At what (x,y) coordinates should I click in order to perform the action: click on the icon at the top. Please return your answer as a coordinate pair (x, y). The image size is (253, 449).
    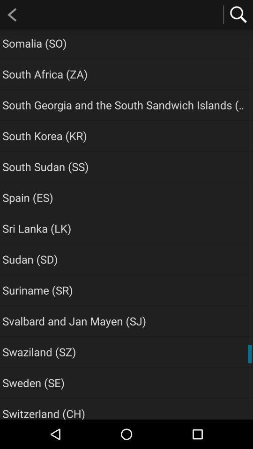
    Looking at the image, I should click on (125, 105).